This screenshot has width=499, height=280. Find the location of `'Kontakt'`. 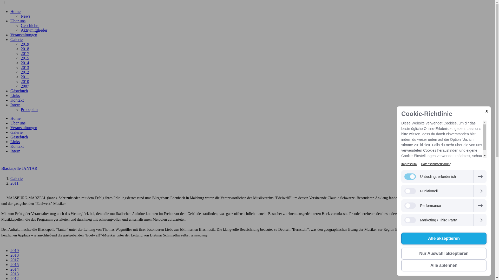

'Kontakt' is located at coordinates (17, 146).